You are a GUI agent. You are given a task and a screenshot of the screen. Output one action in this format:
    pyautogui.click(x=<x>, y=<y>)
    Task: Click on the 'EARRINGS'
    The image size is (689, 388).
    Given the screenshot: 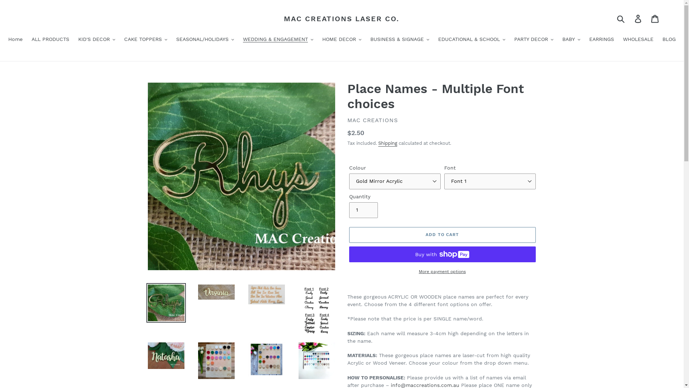 What is the action you would take?
    pyautogui.click(x=586, y=40)
    